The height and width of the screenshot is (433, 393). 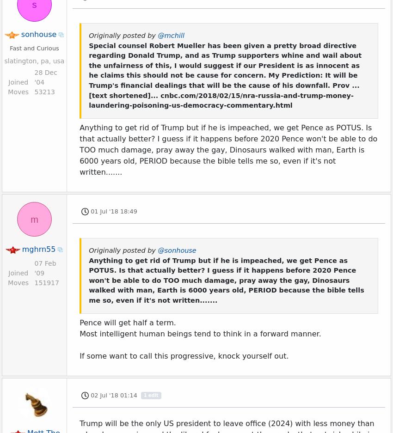 What do you see at coordinates (136, 18) in the screenshot?
I see `'"Beat the crap out of that guy"'` at bounding box center [136, 18].